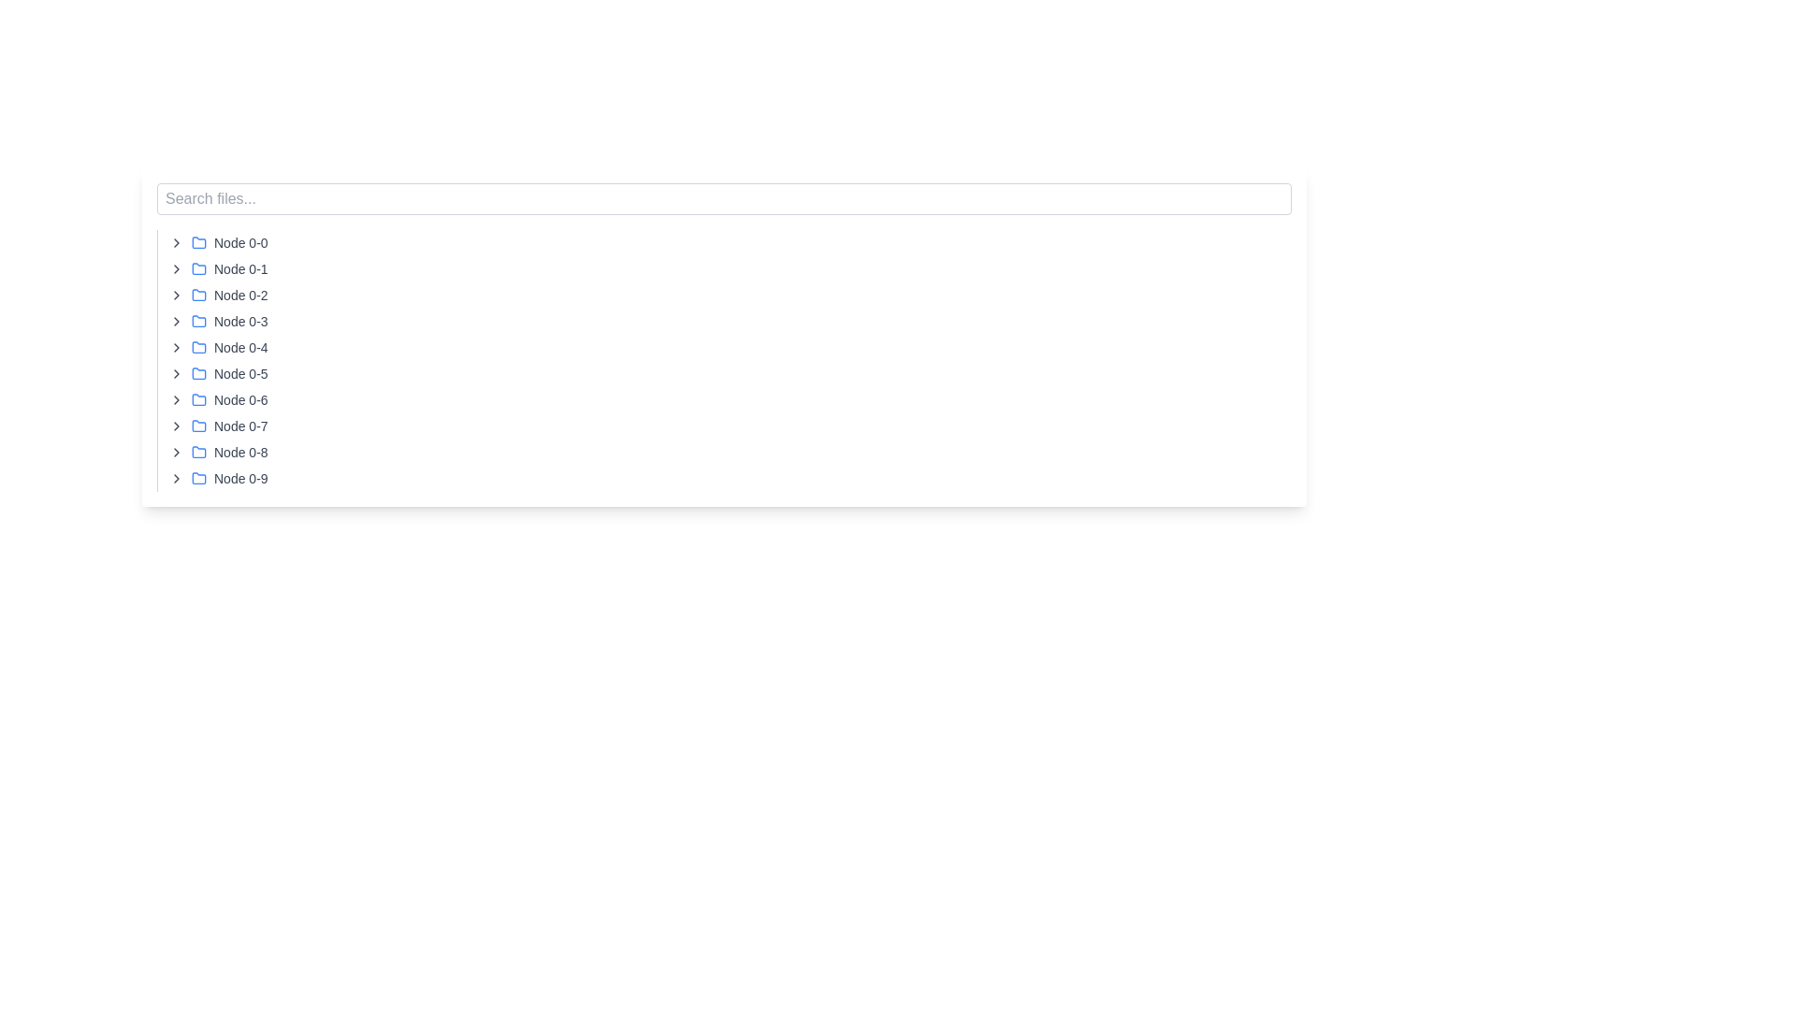 The image size is (1796, 1010). Describe the element at coordinates (198, 399) in the screenshot. I see `the blue folder icon adjacent to the text 'Node 0-6'` at that location.